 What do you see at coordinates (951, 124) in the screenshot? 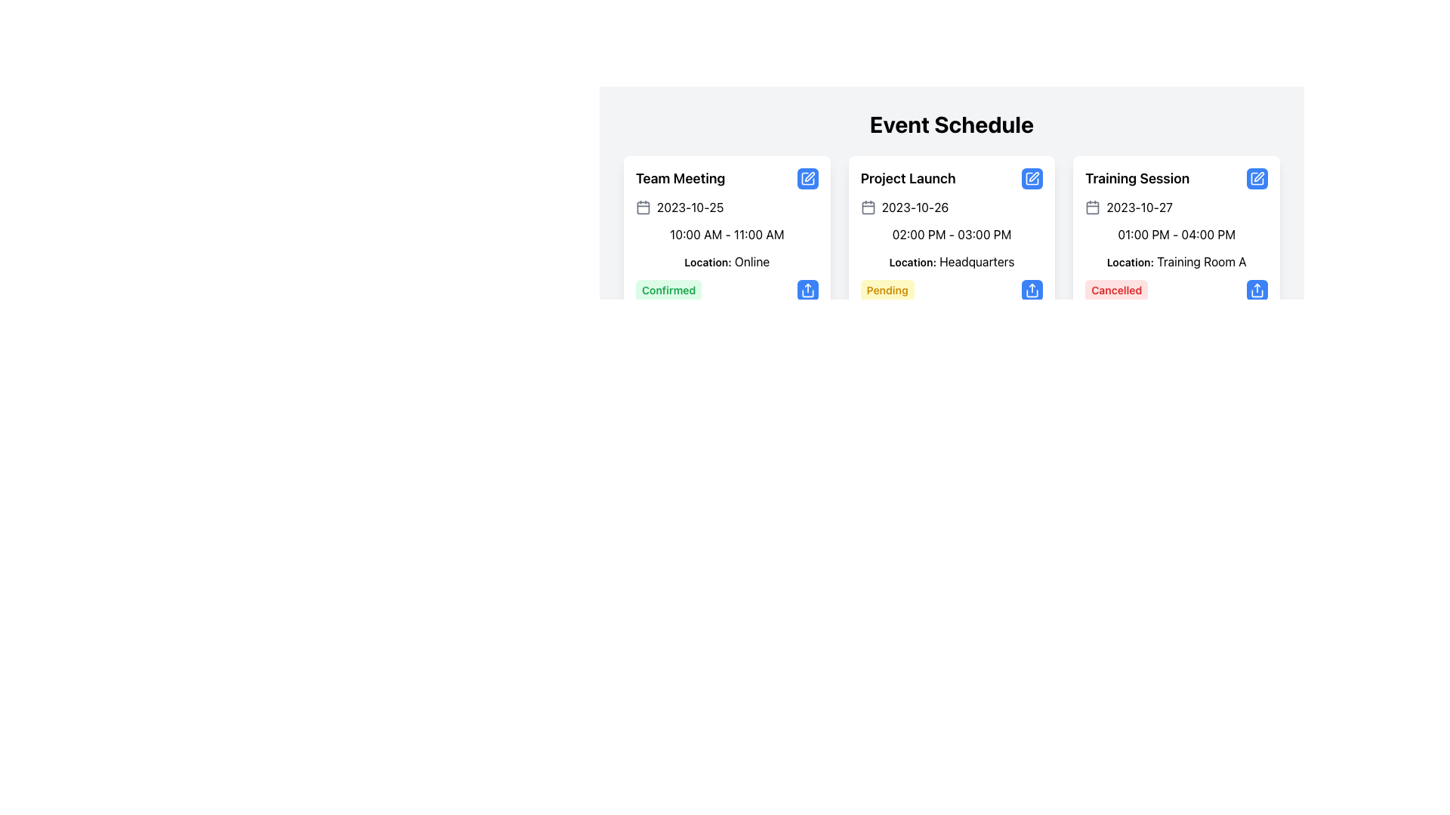
I see `the prominently displayed header text reading 'Event Schedule', which is styled with a large, bold font and positioned at the top of the event details section` at bounding box center [951, 124].